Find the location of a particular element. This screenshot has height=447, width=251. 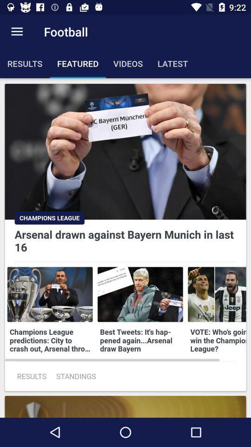

icon next to the football item is located at coordinates (17, 32).